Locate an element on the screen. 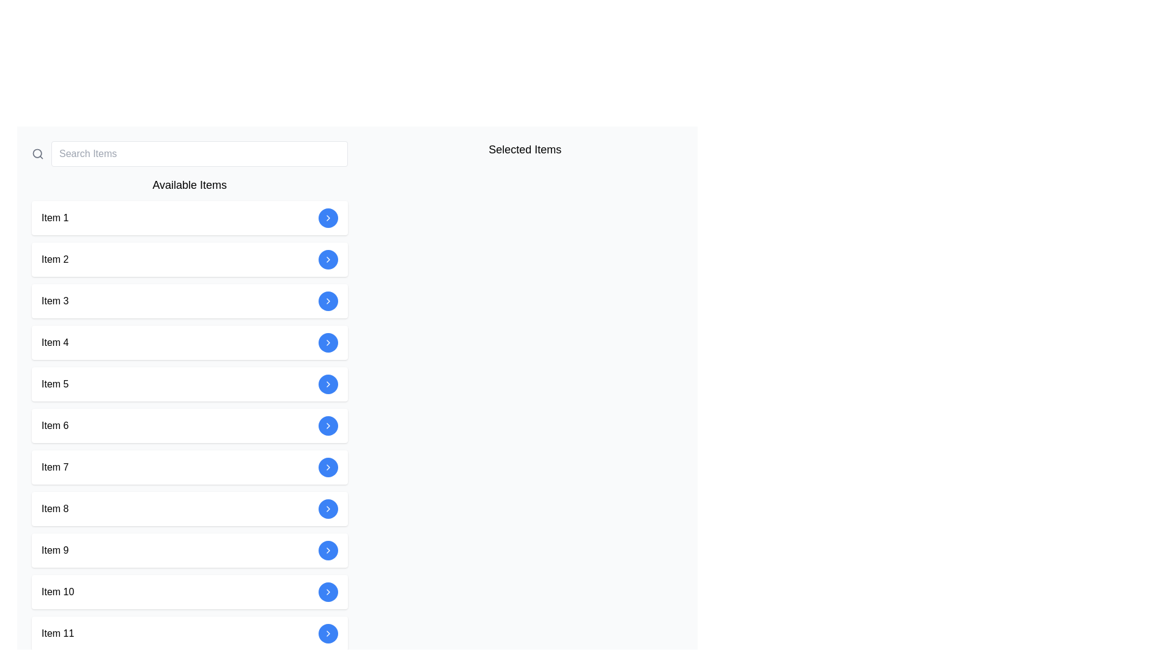 This screenshot has height=660, width=1174. the right-facing chevron icon located at the right side of the 'Item 5' row in the 'Available Items' list is located at coordinates (328, 383).